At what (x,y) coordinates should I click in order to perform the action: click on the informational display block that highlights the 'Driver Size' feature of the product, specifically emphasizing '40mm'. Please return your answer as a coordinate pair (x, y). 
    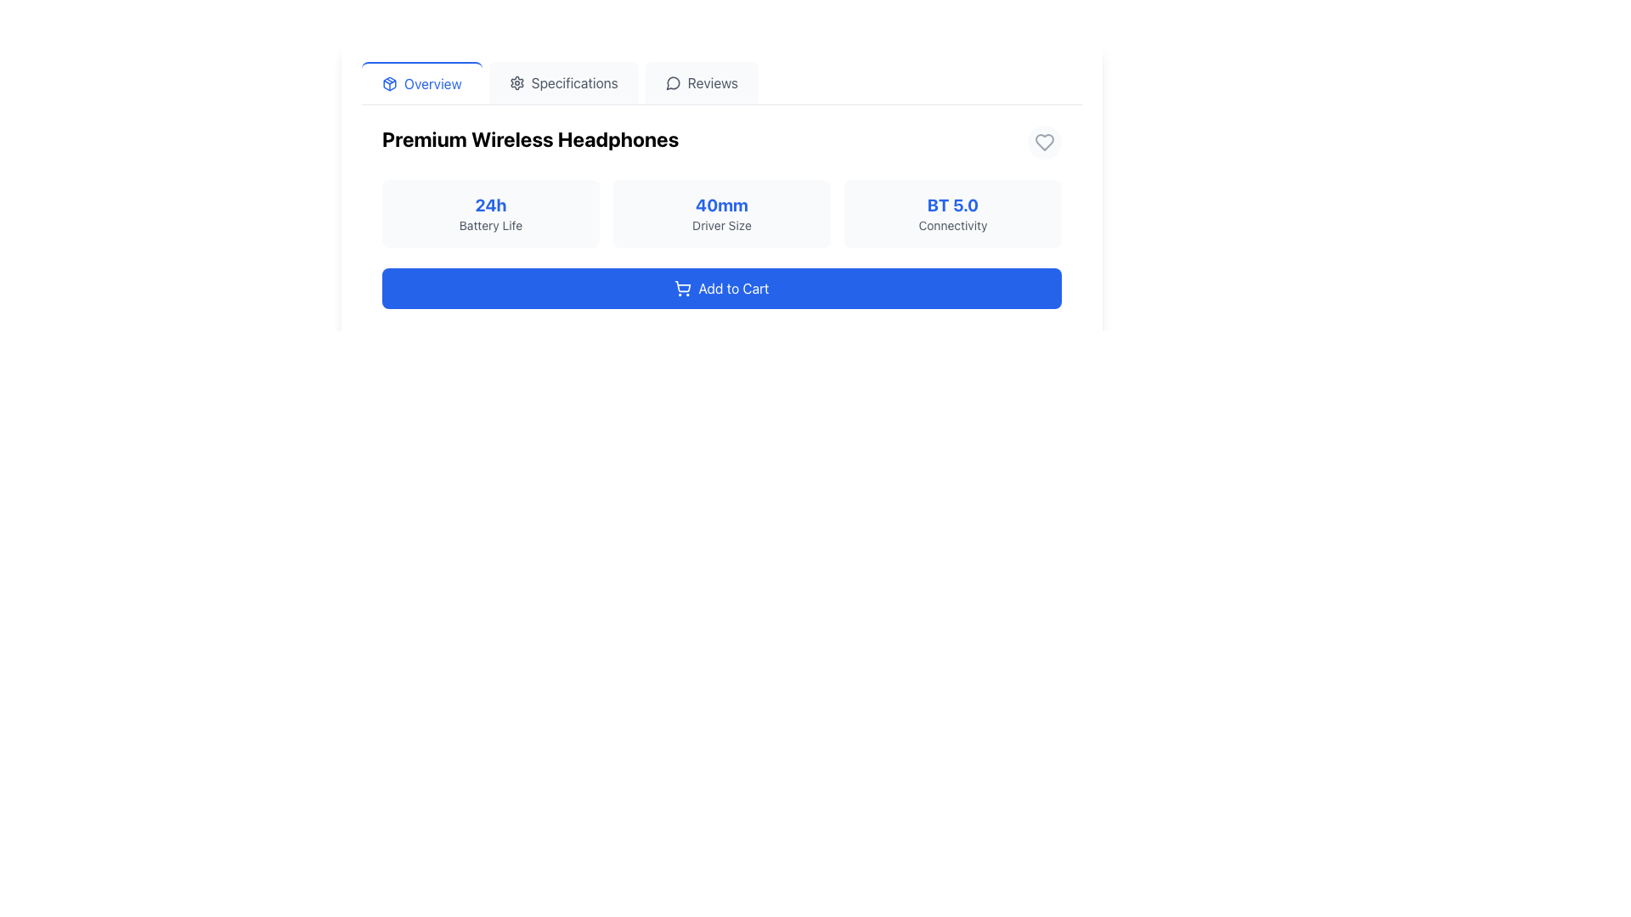
    Looking at the image, I should click on (721, 186).